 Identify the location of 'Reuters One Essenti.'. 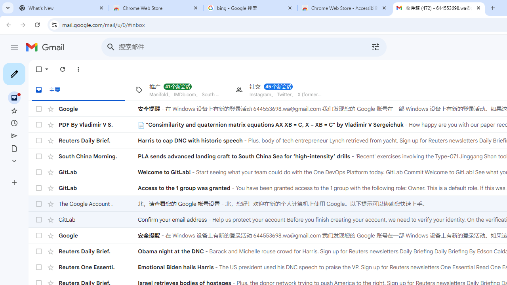
(98, 267).